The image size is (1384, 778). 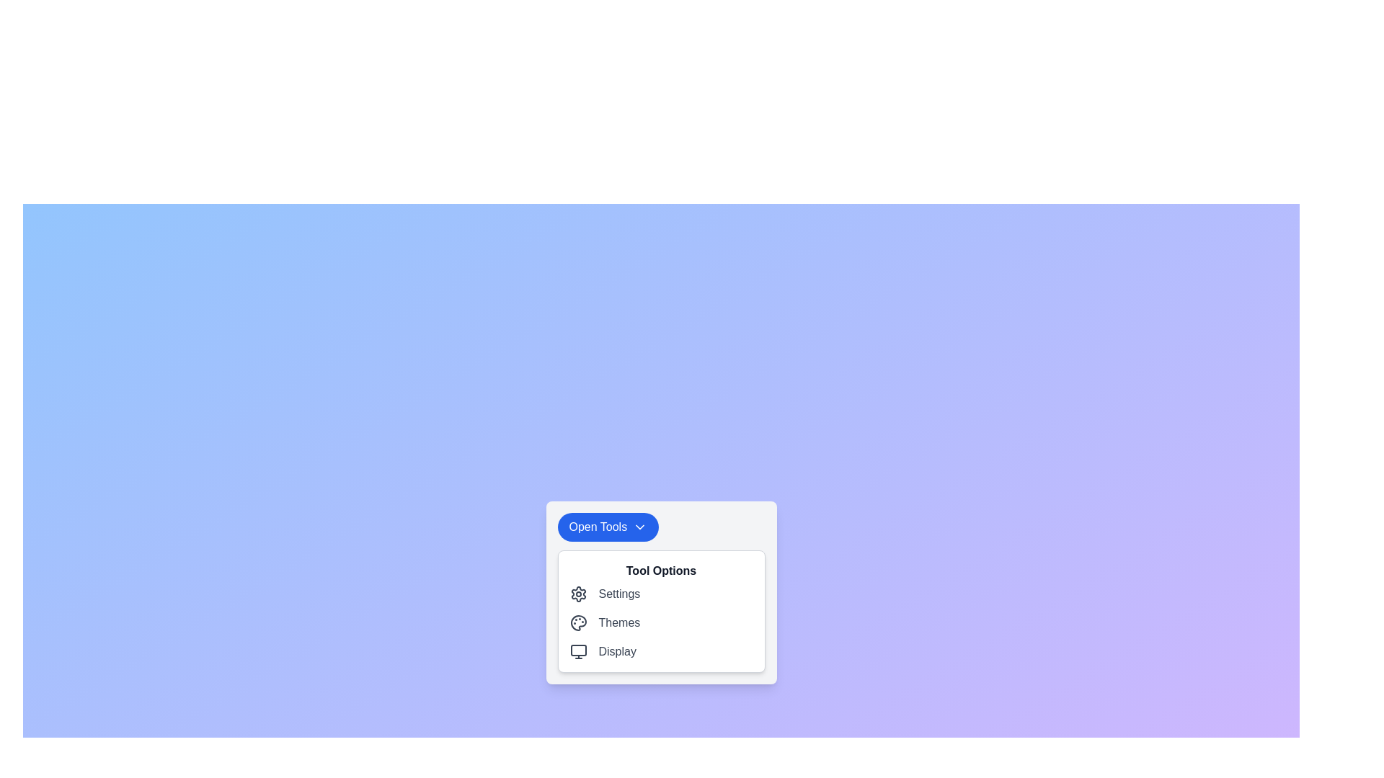 I want to click on the Label Text located at the bottom of the 'Tool Options' group in the pop-up menu, which is the last item in the vertical list of options, so click(x=617, y=652).